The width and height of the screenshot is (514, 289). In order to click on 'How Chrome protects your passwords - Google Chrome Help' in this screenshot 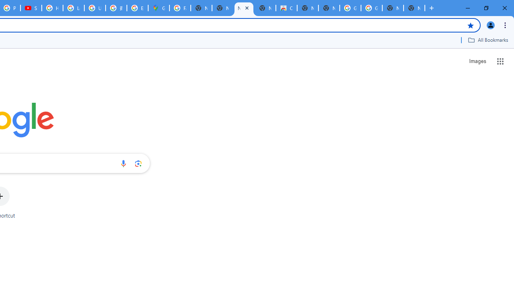, I will do `click(52, 8)`.